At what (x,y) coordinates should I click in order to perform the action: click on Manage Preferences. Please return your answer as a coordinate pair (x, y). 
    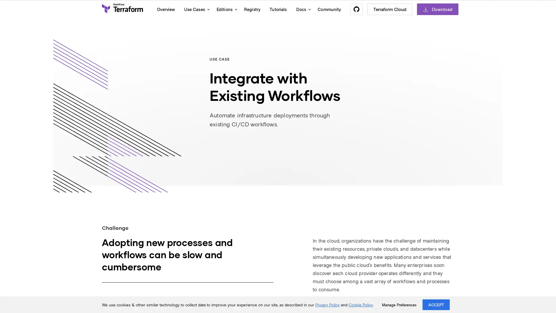
    Looking at the image, I should click on (399, 305).